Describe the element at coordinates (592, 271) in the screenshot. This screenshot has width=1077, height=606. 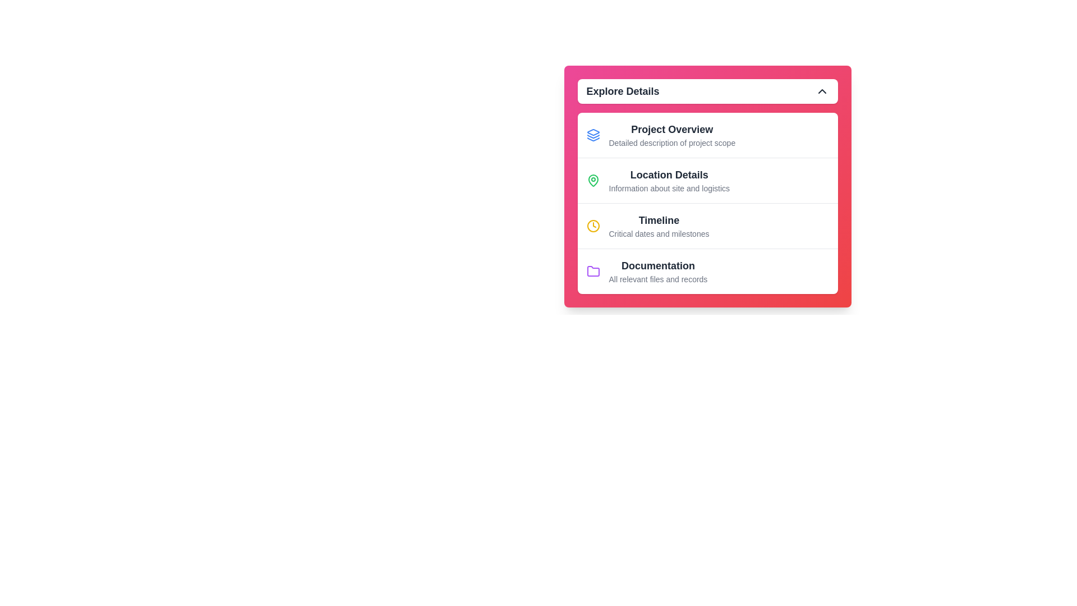
I see `the purple folder icon, which is the leftmost element in the 'Documentation' row within the 'Explore Details' section` at that location.